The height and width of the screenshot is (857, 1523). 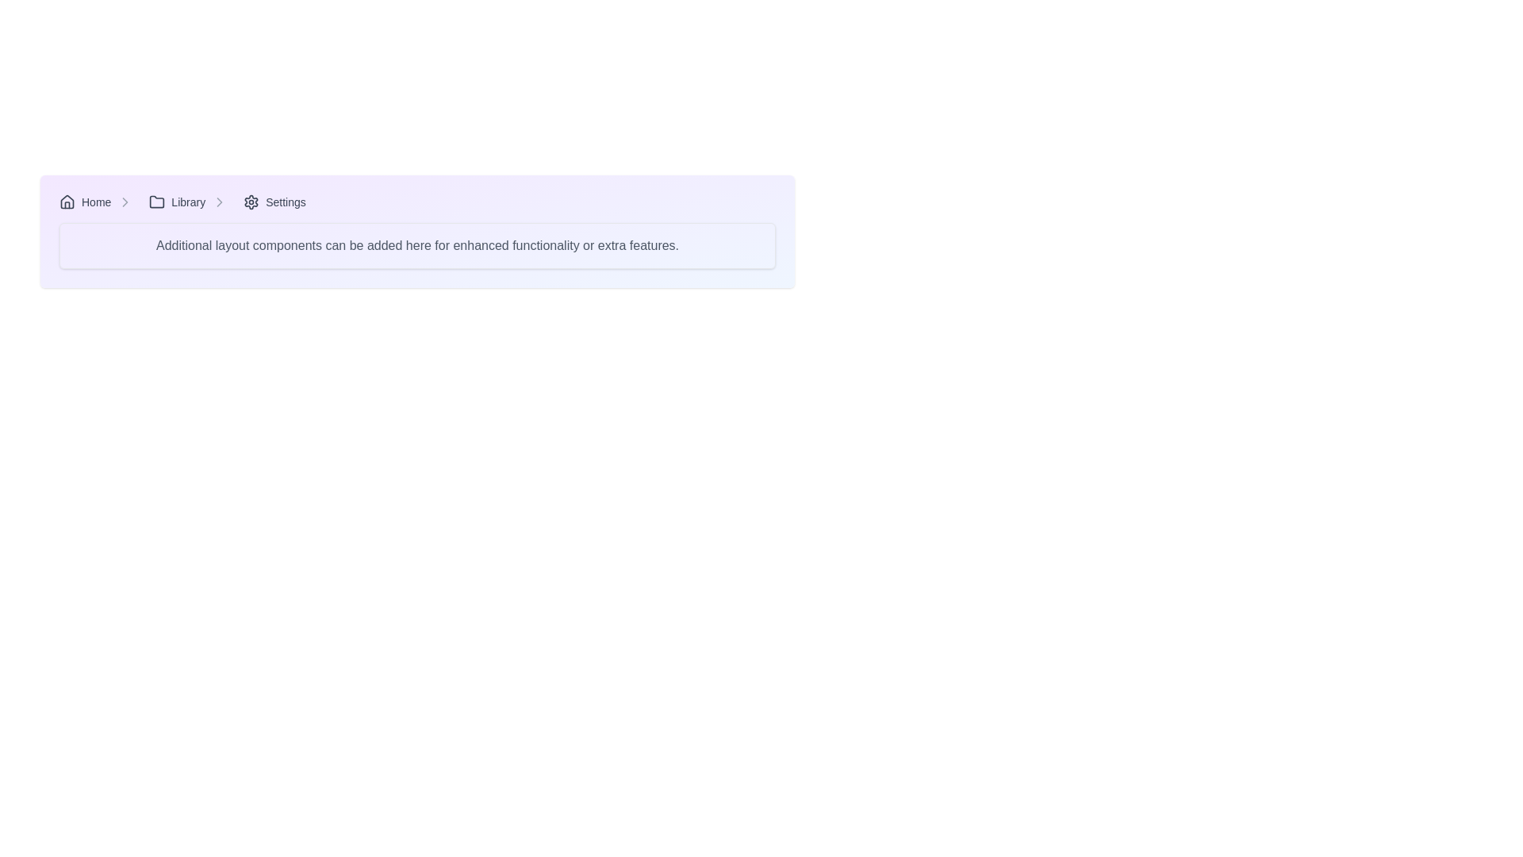 I want to click on the Settings Icon, which resembles a gear and is the leftmost component of the 'Settings' link in the navigation bar, so click(x=251, y=201).